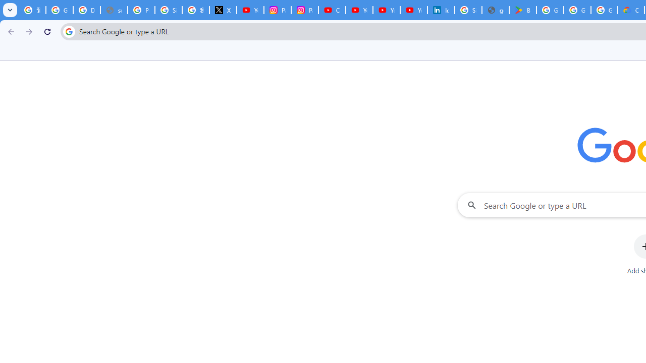 The image size is (646, 363). Describe the element at coordinates (222, 10) in the screenshot. I see `'X'` at that location.